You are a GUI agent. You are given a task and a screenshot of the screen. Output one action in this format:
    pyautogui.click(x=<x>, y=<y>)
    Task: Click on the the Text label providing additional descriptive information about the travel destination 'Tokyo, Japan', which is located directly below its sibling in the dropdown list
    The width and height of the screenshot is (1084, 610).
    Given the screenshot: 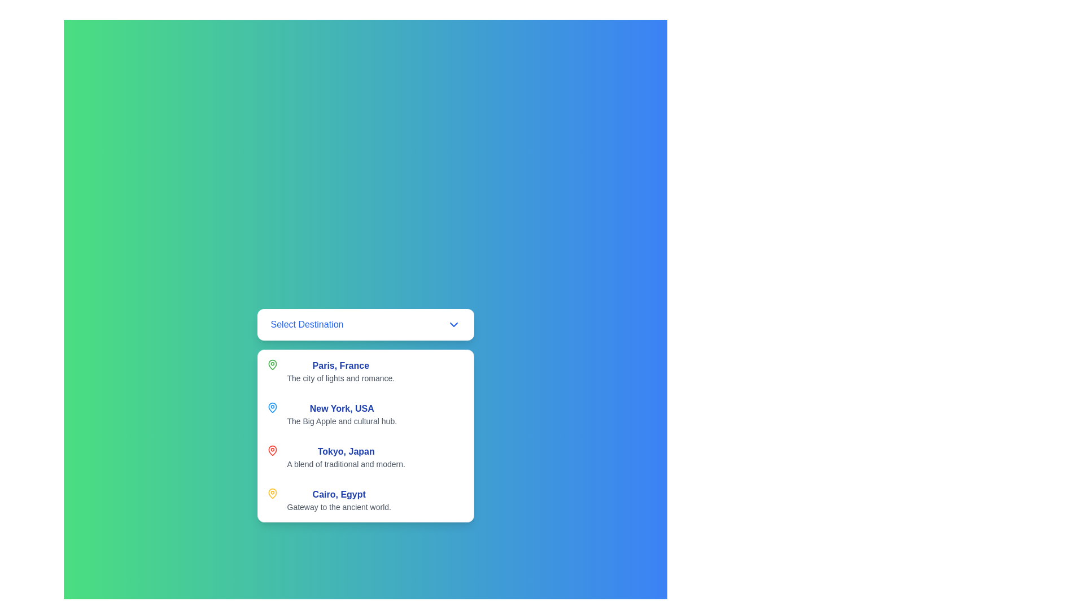 What is the action you would take?
    pyautogui.click(x=346, y=464)
    